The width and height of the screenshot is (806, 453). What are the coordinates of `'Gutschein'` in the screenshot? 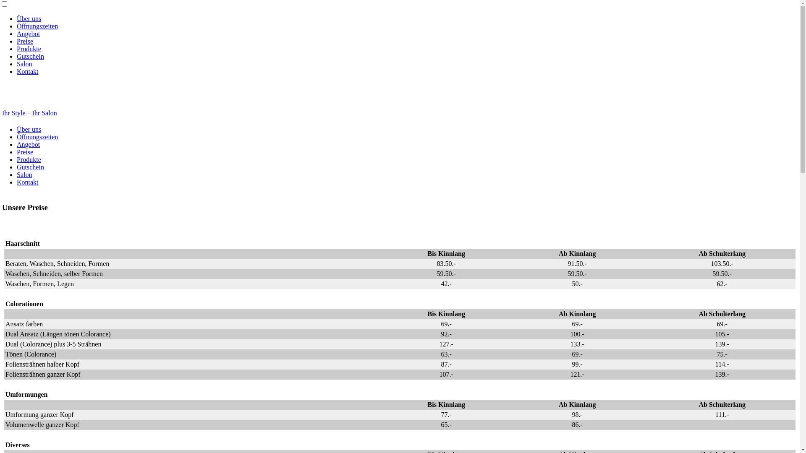 It's located at (30, 167).